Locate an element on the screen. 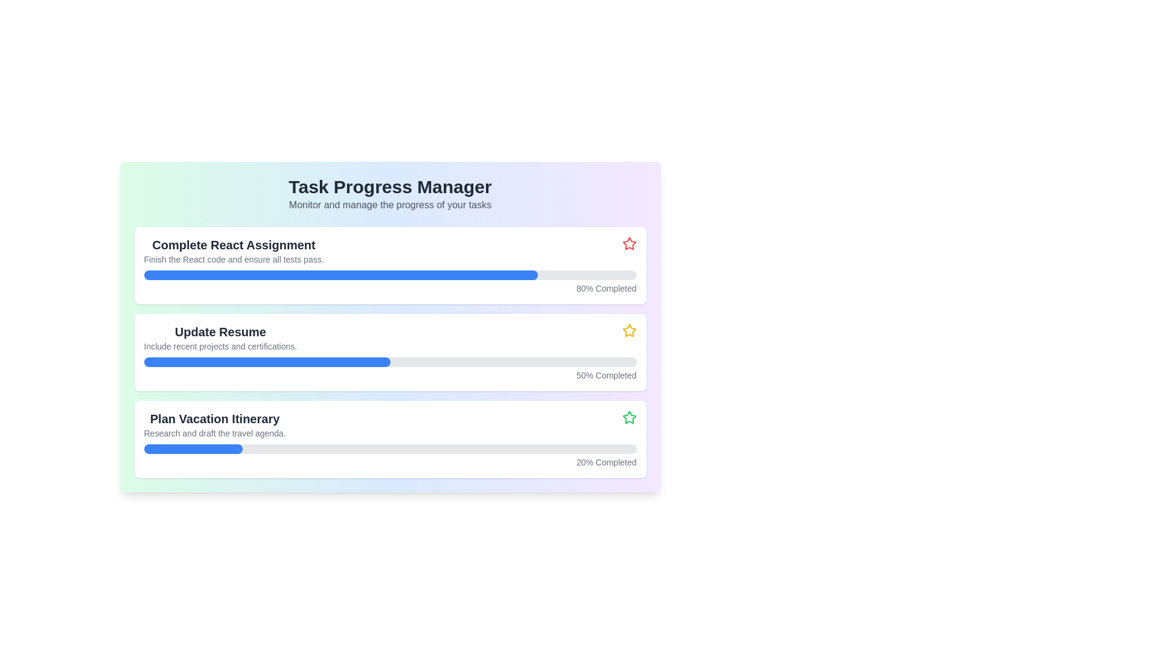 Image resolution: width=1159 pixels, height=652 pixels. task progress is located at coordinates (410, 449).